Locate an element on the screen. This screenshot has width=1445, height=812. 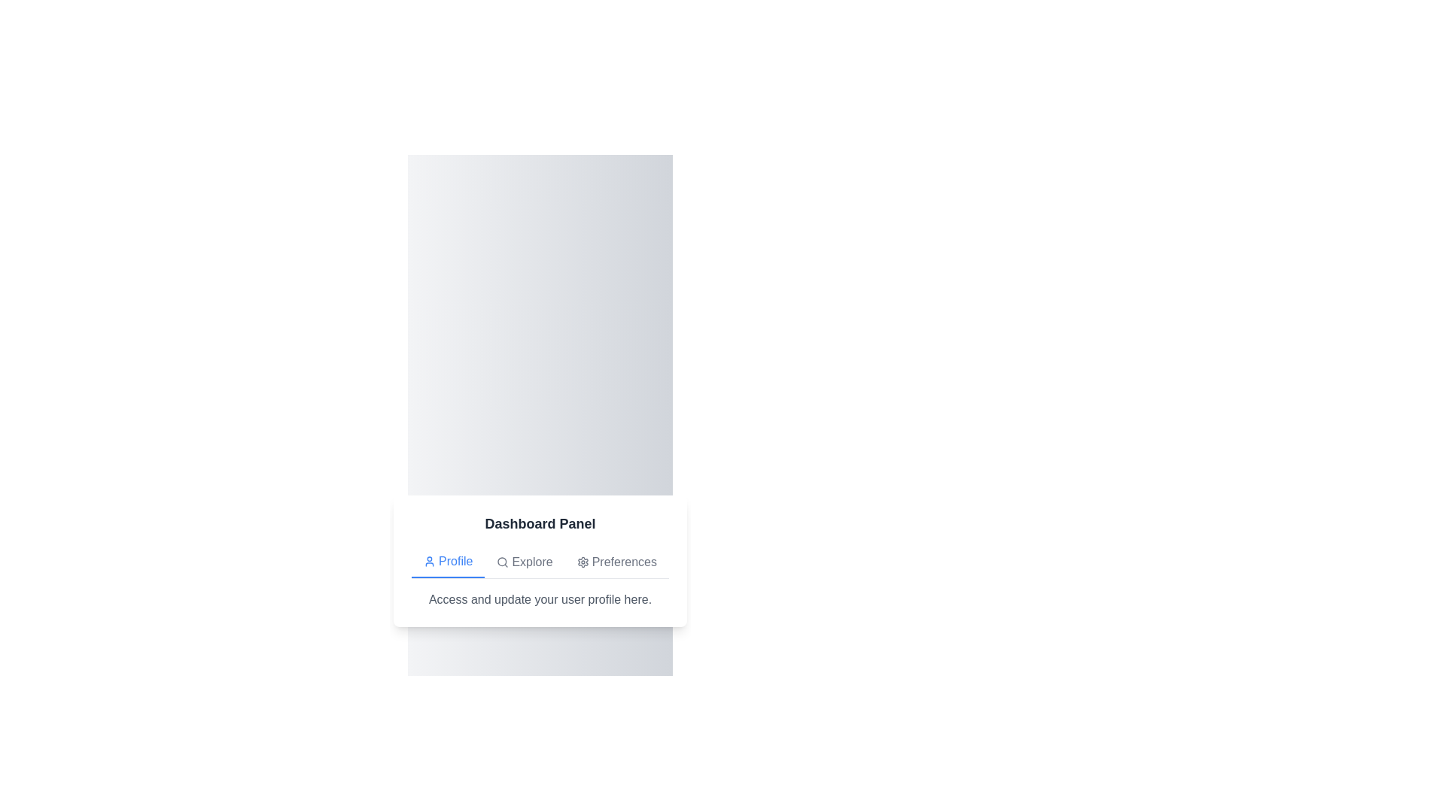
the 'Profile' tab button, which is the first tab in the navigation bar is located at coordinates (447, 562).